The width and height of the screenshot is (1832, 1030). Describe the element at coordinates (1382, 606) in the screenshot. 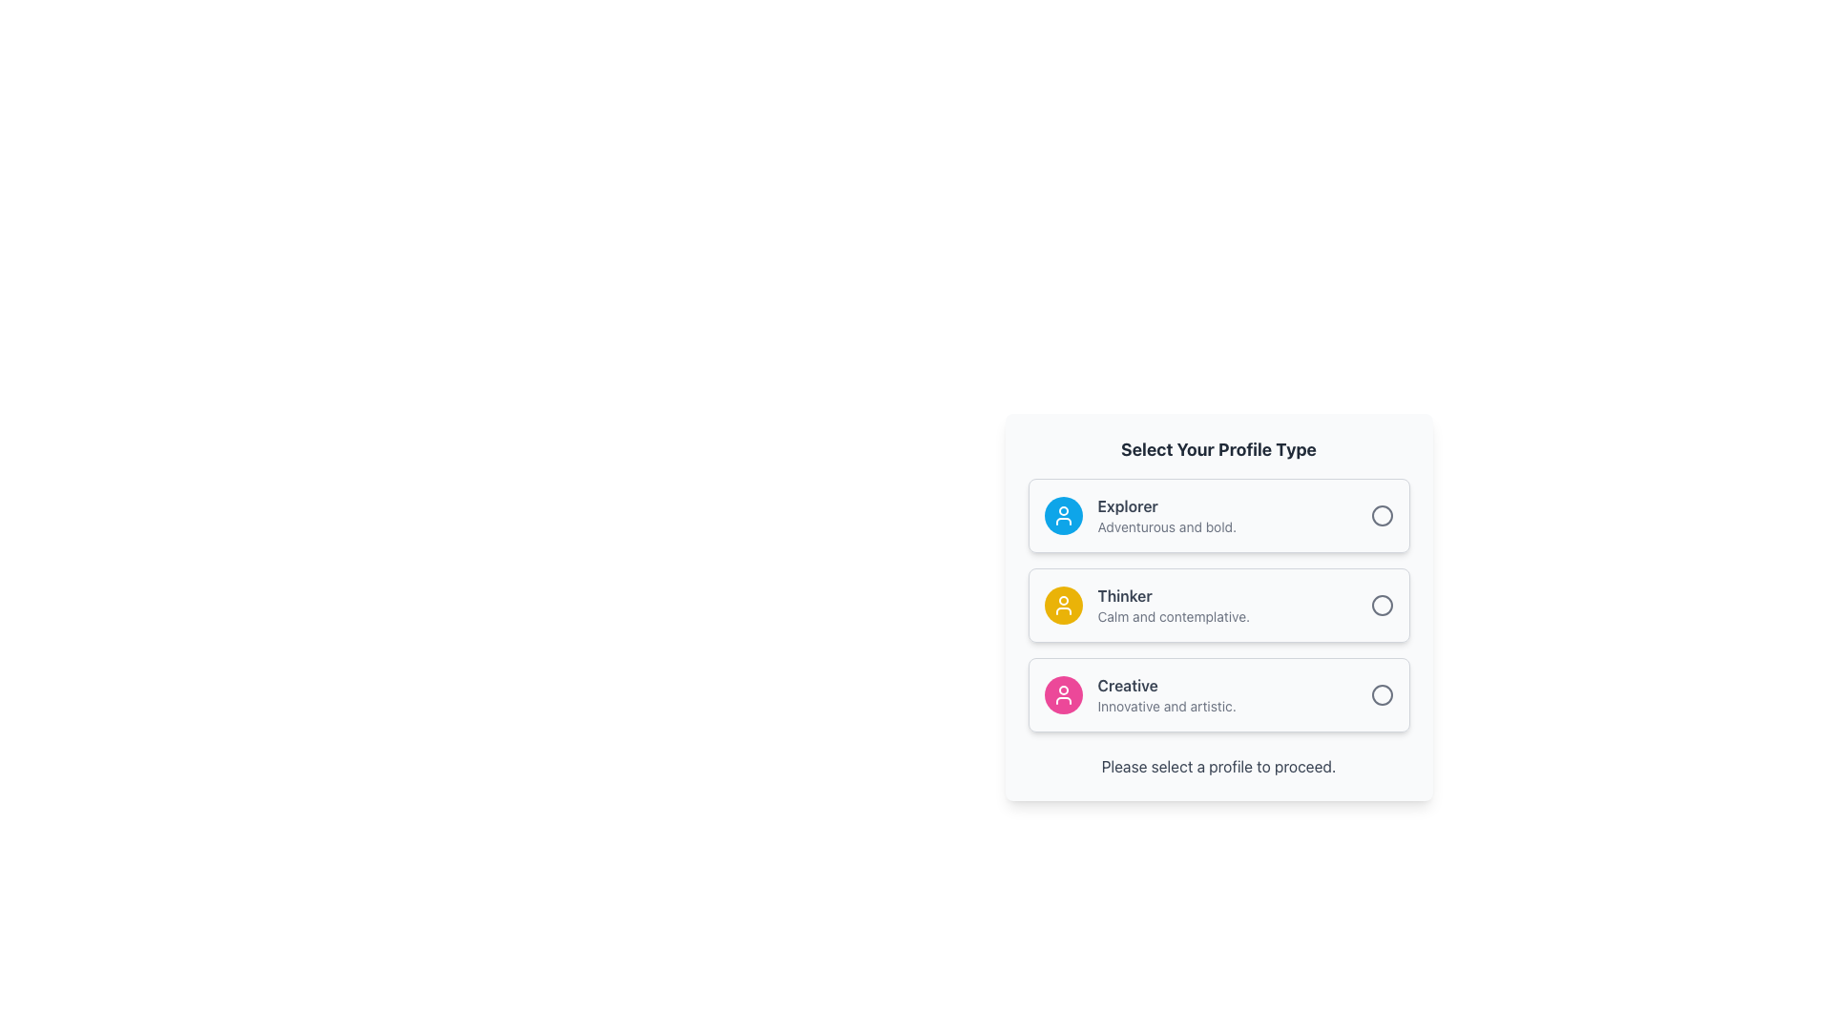

I see `the circular toggle button next to the text 'Thinker' in the 'Select Your Profile Type' list` at that location.